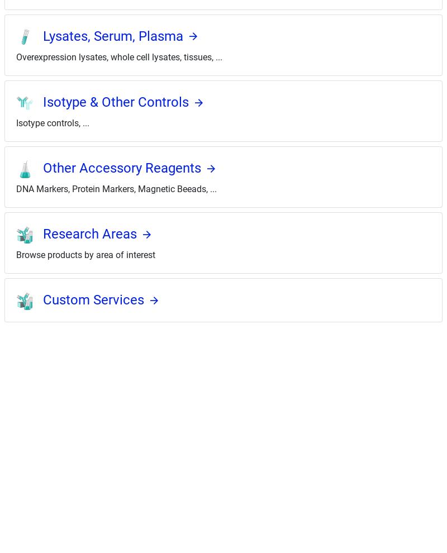 This screenshot has width=447, height=553. Describe the element at coordinates (22, 542) in the screenshot. I see `'CTG2 Proteins'` at that location.